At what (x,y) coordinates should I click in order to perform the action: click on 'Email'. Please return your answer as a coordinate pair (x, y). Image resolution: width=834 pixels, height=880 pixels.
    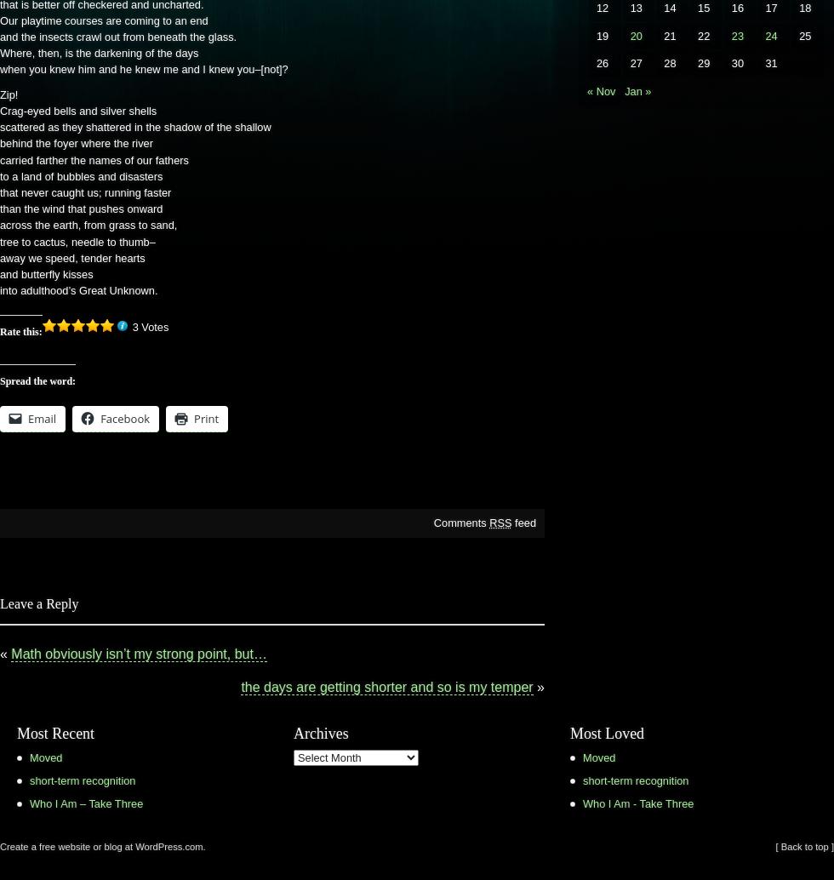
    Looking at the image, I should click on (42, 417).